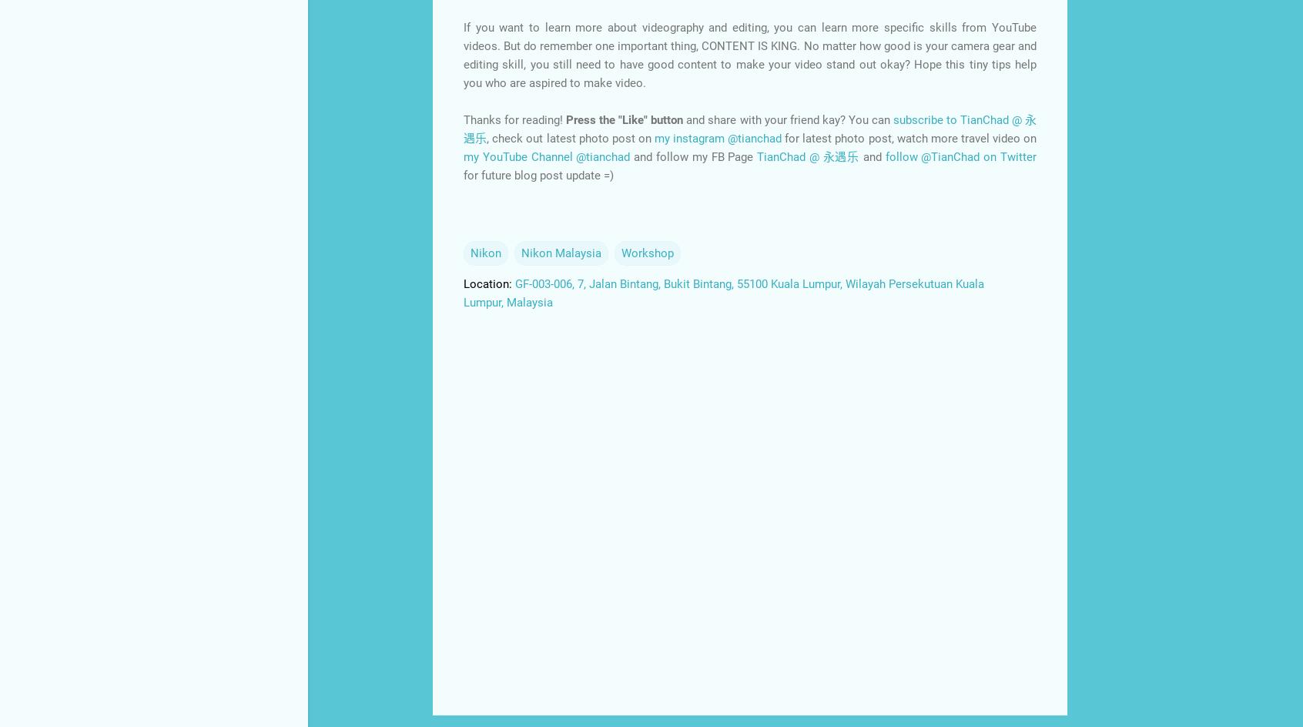  What do you see at coordinates (624, 119) in the screenshot?
I see `'Press the "Like" button'` at bounding box center [624, 119].